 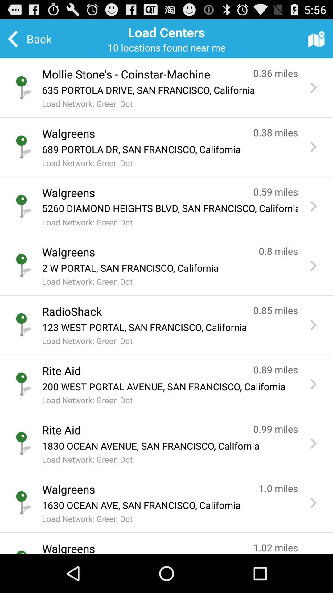 What do you see at coordinates (316, 38) in the screenshot?
I see `the icon next to the load centers` at bounding box center [316, 38].